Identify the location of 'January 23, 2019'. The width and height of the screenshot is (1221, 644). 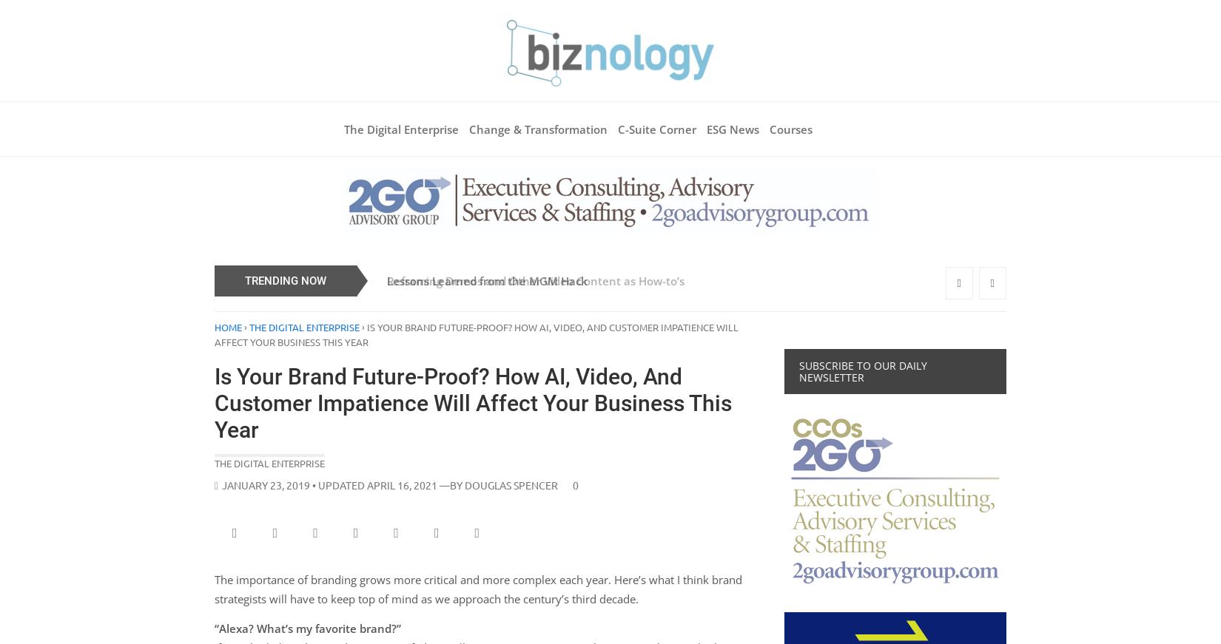
(221, 484).